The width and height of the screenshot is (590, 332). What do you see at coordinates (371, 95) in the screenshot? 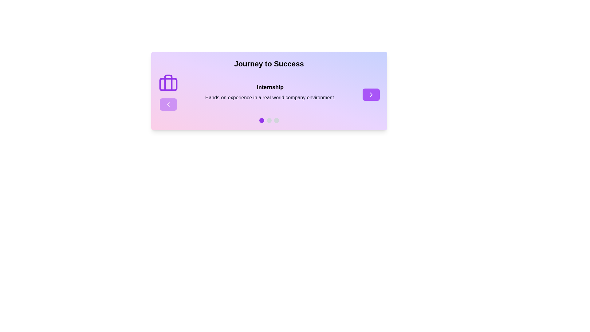
I see `the rightward navigation icon located within the purple button on the right side of a horizontal card-like component` at bounding box center [371, 95].